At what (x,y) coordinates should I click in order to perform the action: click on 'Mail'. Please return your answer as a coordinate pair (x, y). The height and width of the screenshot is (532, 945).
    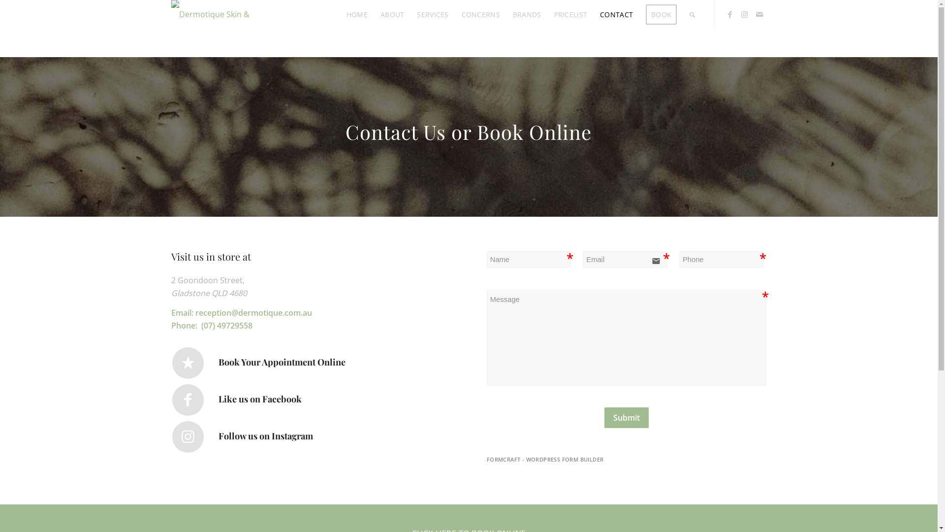
    Looking at the image, I should click on (751, 14).